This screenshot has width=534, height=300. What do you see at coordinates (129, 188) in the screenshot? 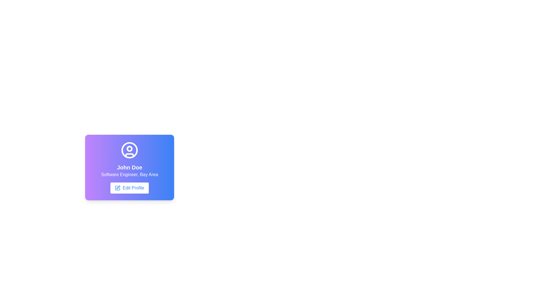
I see `the 'Edit Profile' button, which is a rectangular button with rounded corners, a white background, and blue text, located at the bottom of a card-like component` at bounding box center [129, 188].